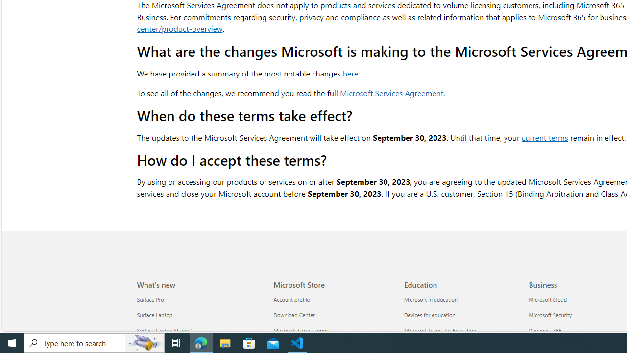 The width and height of the screenshot is (627, 353). I want to click on 'Microsoft Store support Microsoft Store', so click(301, 331).